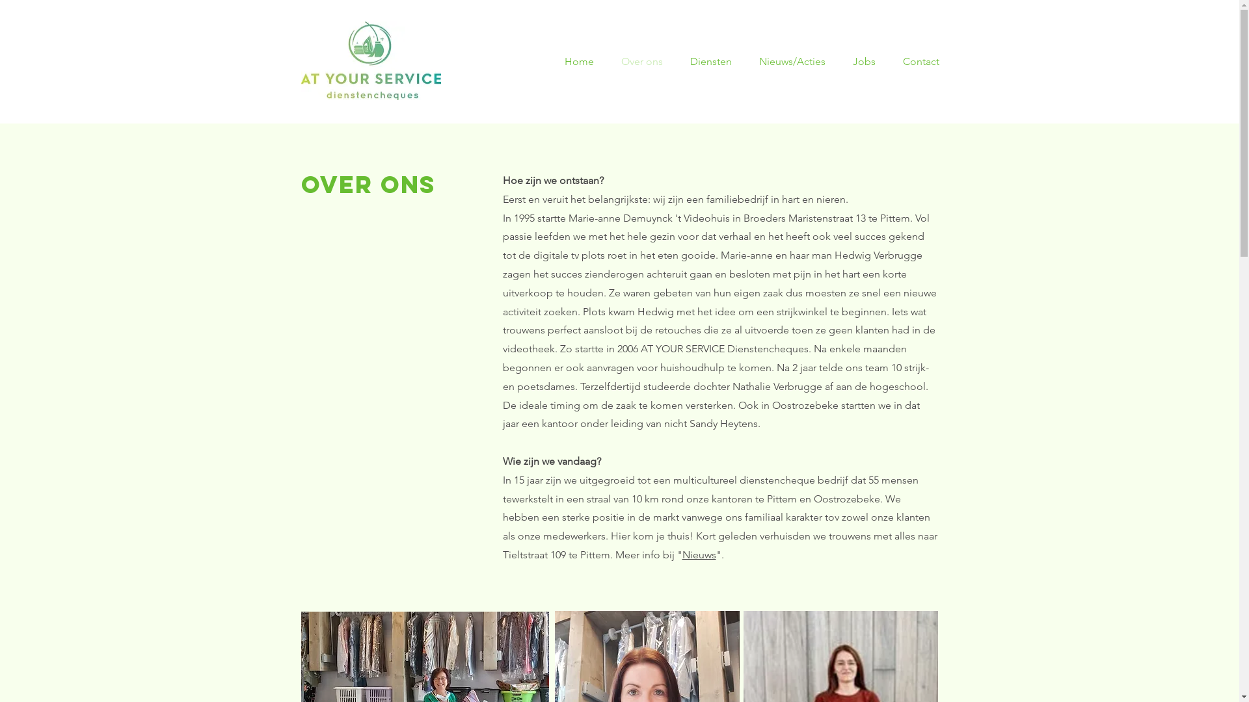 The image size is (1249, 702). What do you see at coordinates (582, 62) in the screenshot?
I see `'Home'` at bounding box center [582, 62].